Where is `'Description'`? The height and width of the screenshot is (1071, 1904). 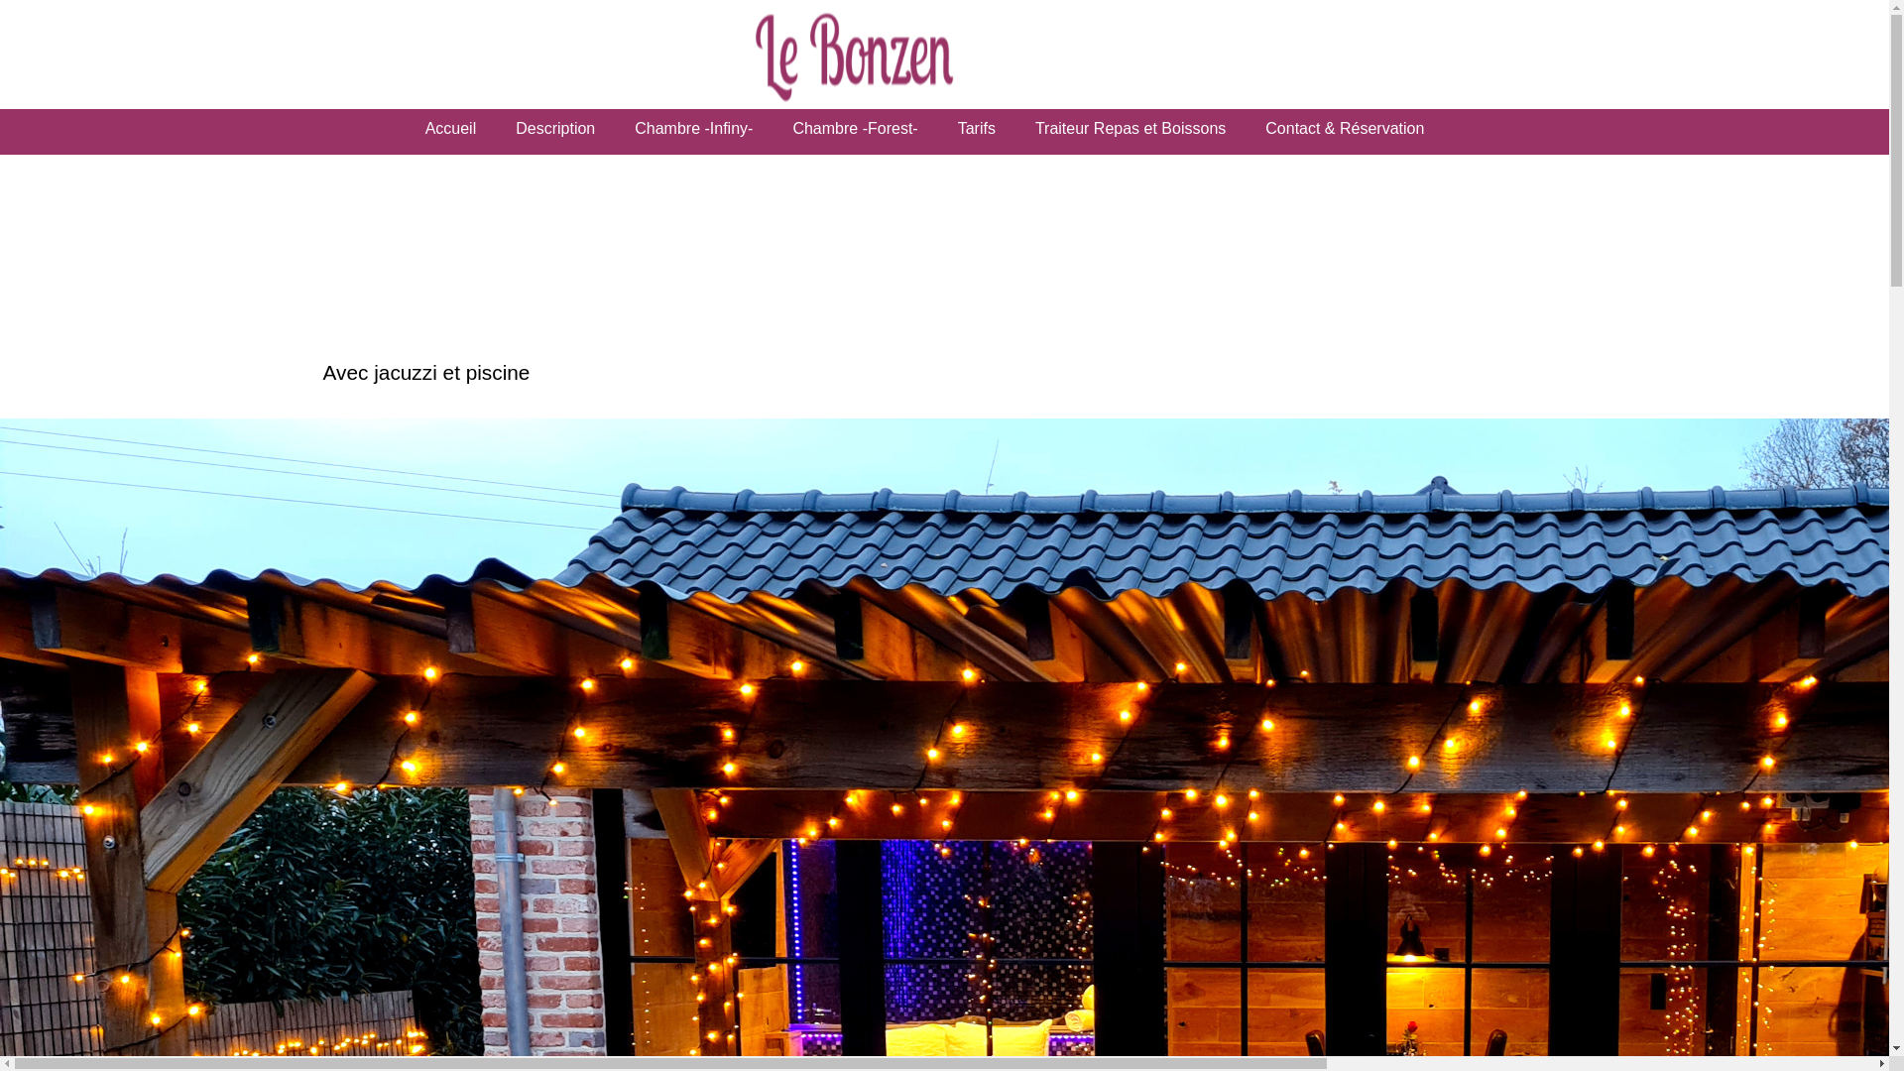 'Description' is located at coordinates (515, 129).